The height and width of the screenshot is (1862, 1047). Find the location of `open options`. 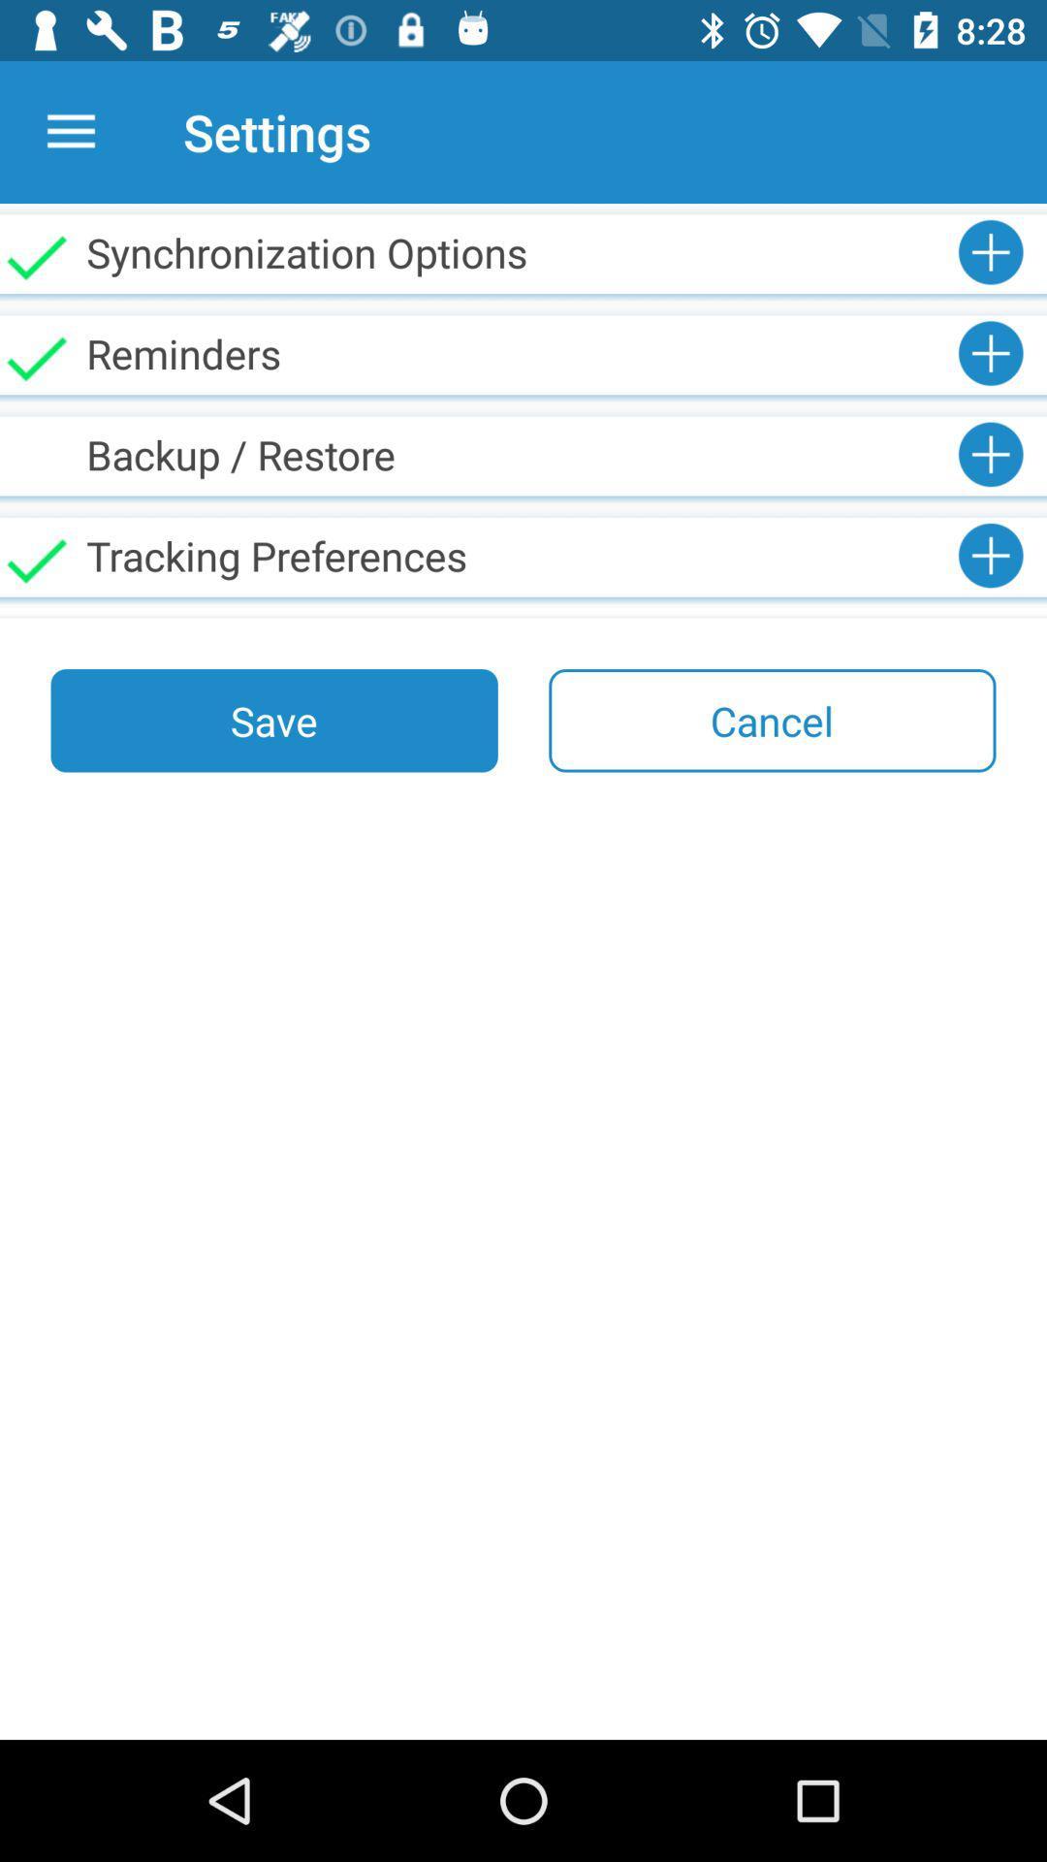

open options is located at coordinates (70, 131).